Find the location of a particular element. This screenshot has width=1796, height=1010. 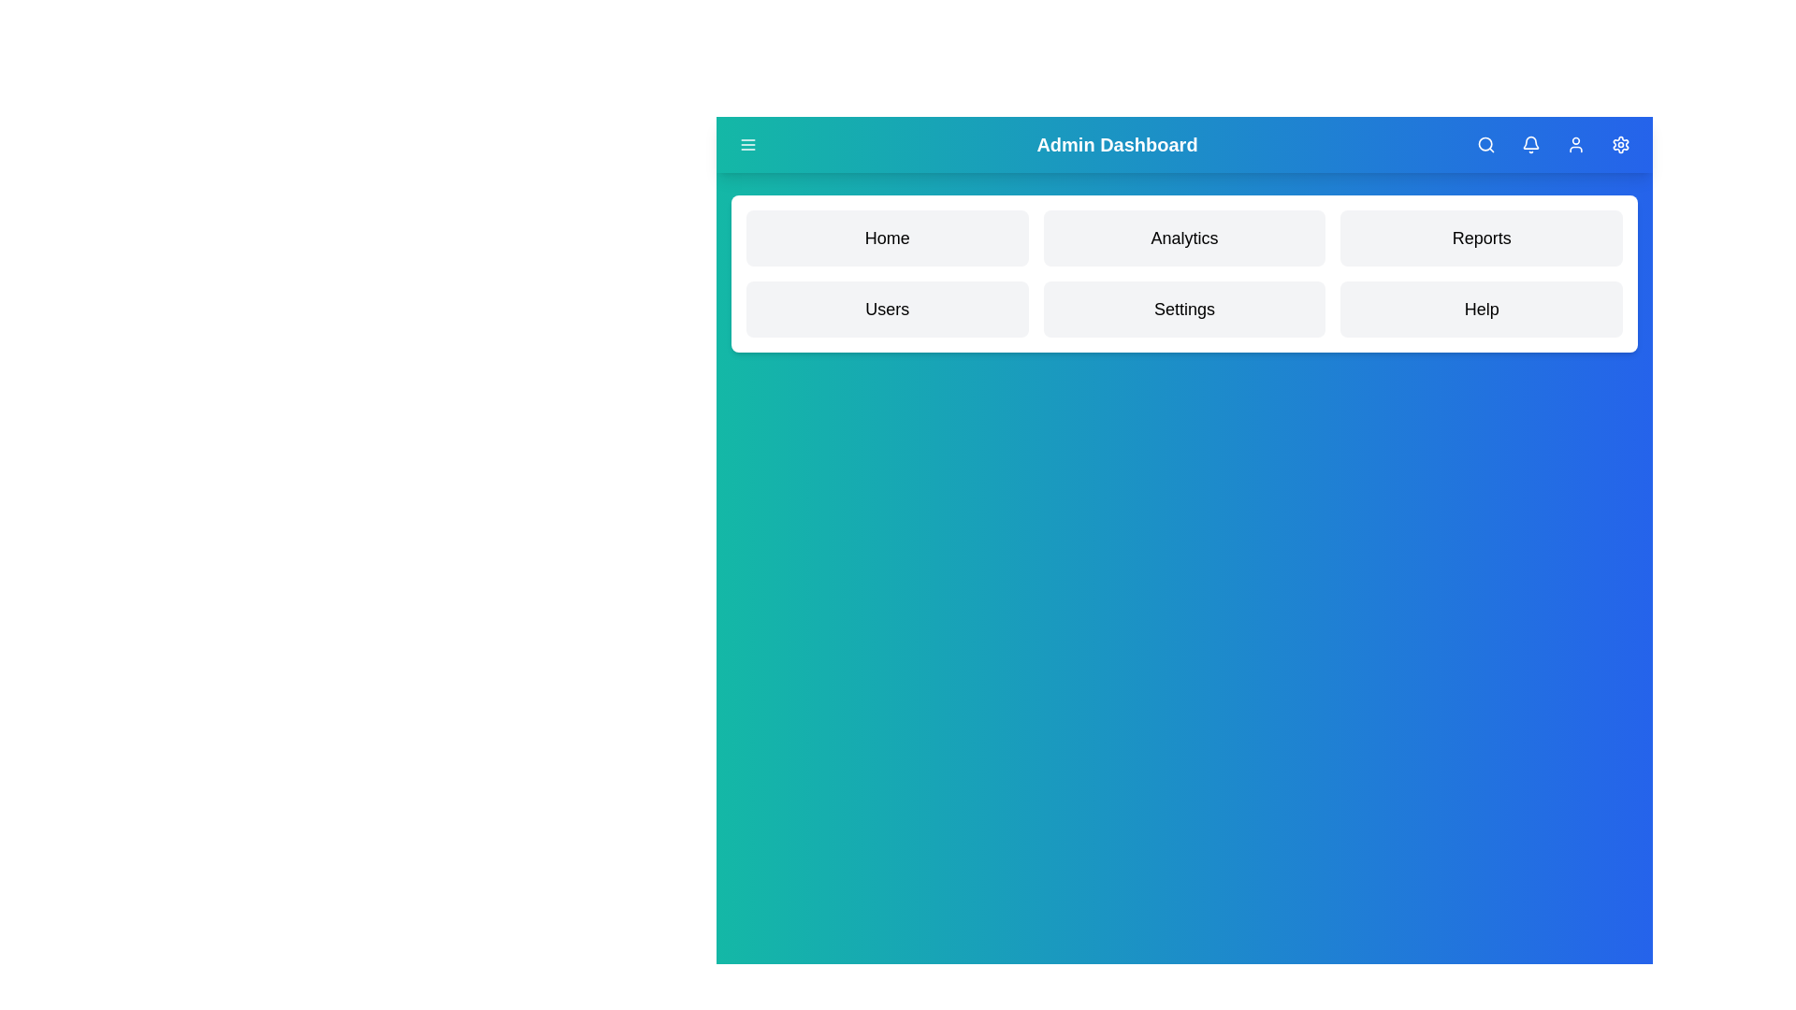

the user icon located in the top-right corner of the app bar is located at coordinates (1574, 143).